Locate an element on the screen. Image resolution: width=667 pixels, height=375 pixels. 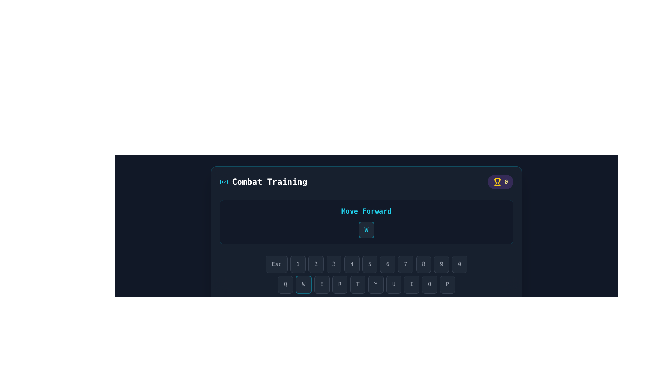
the button resembling the keyboard key labeled 'U', which has a dark gray background and lighter gray text, to simulate a key press is located at coordinates (393, 285).